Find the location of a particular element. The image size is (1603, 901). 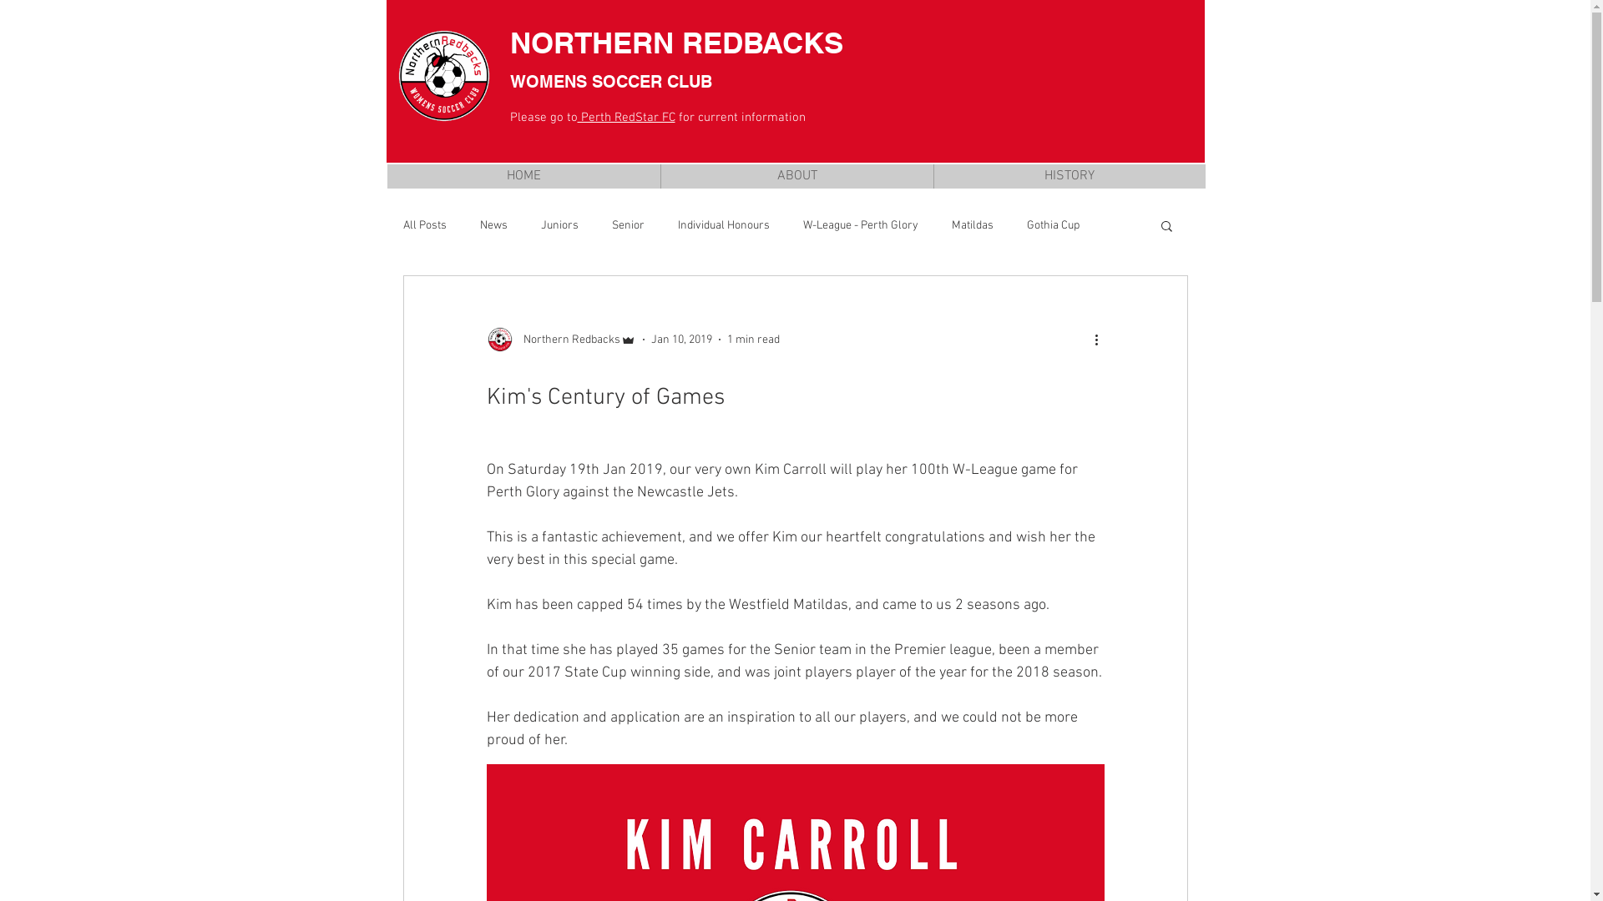

'Gothia Cup' is located at coordinates (1025, 225).